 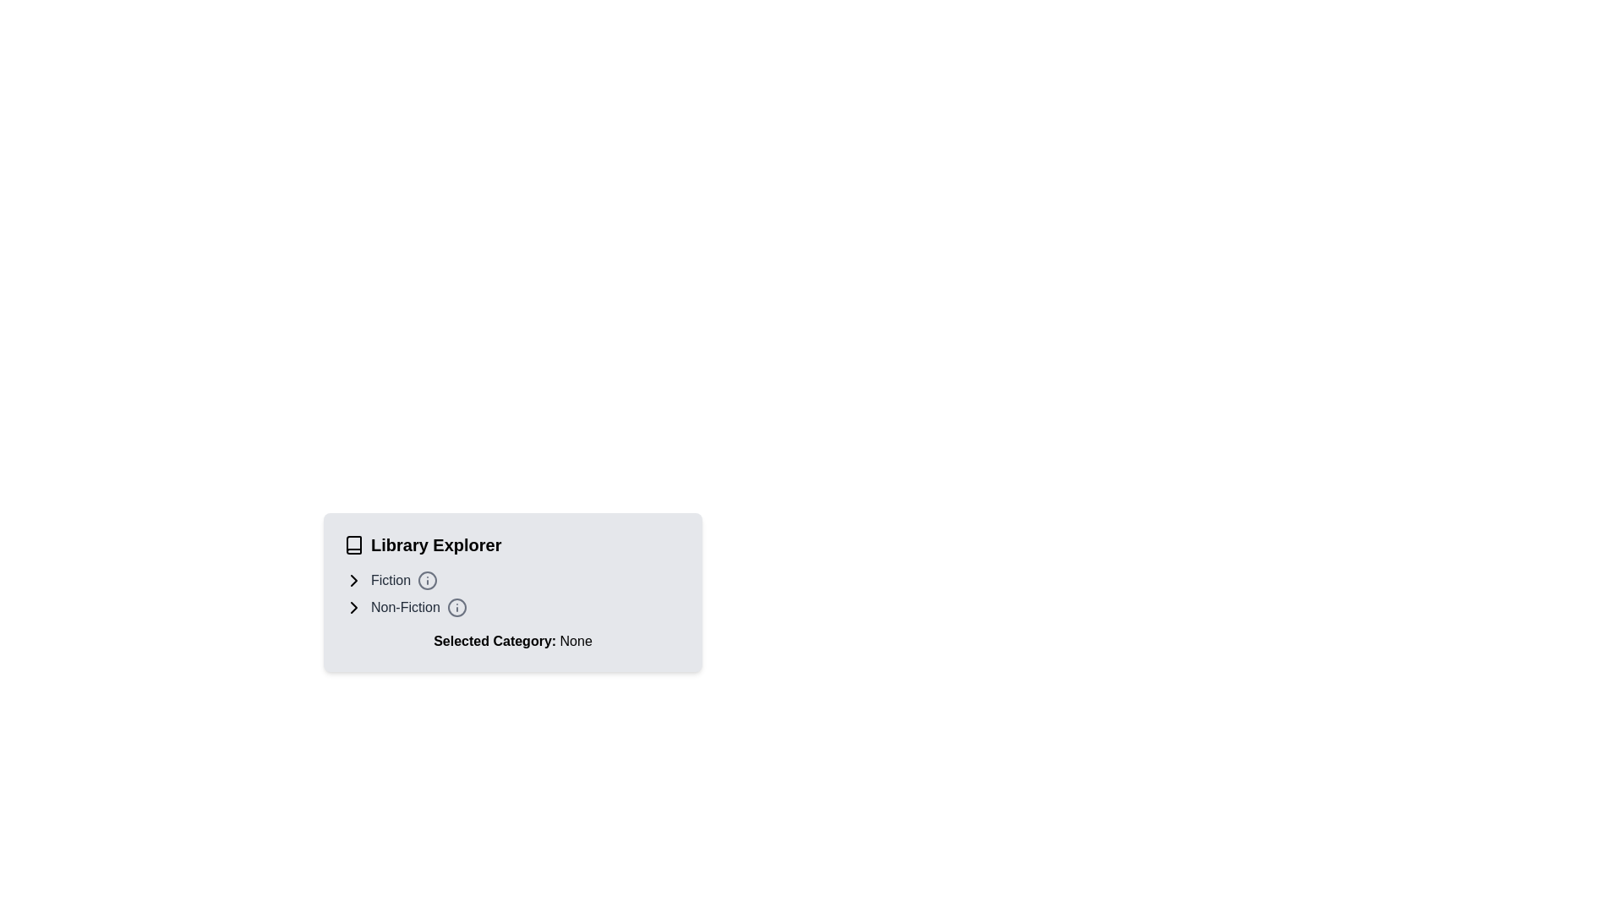 What do you see at coordinates (406, 606) in the screenshot?
I see `the 'Non-Fiction' text label in the Library Explorer section, which is styled to be interactive and positioned below the 'Fiction' entry` at bounding box center [406, 606].